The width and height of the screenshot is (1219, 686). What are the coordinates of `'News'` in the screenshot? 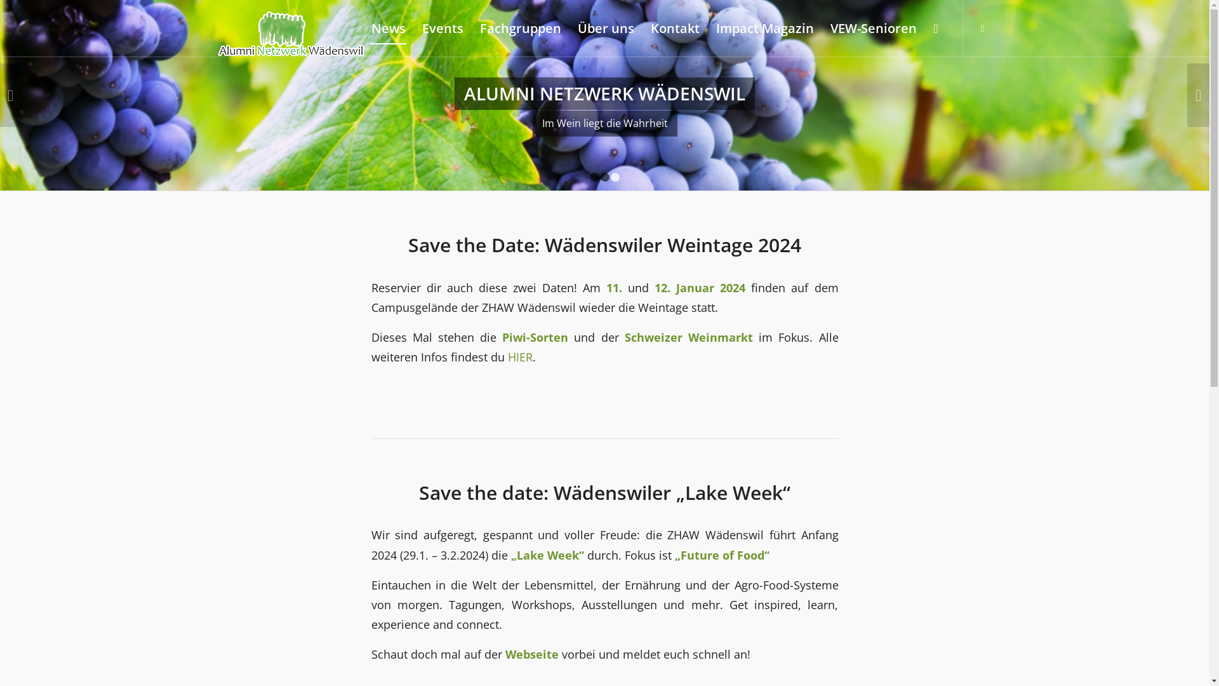 It's located at (387, 29).